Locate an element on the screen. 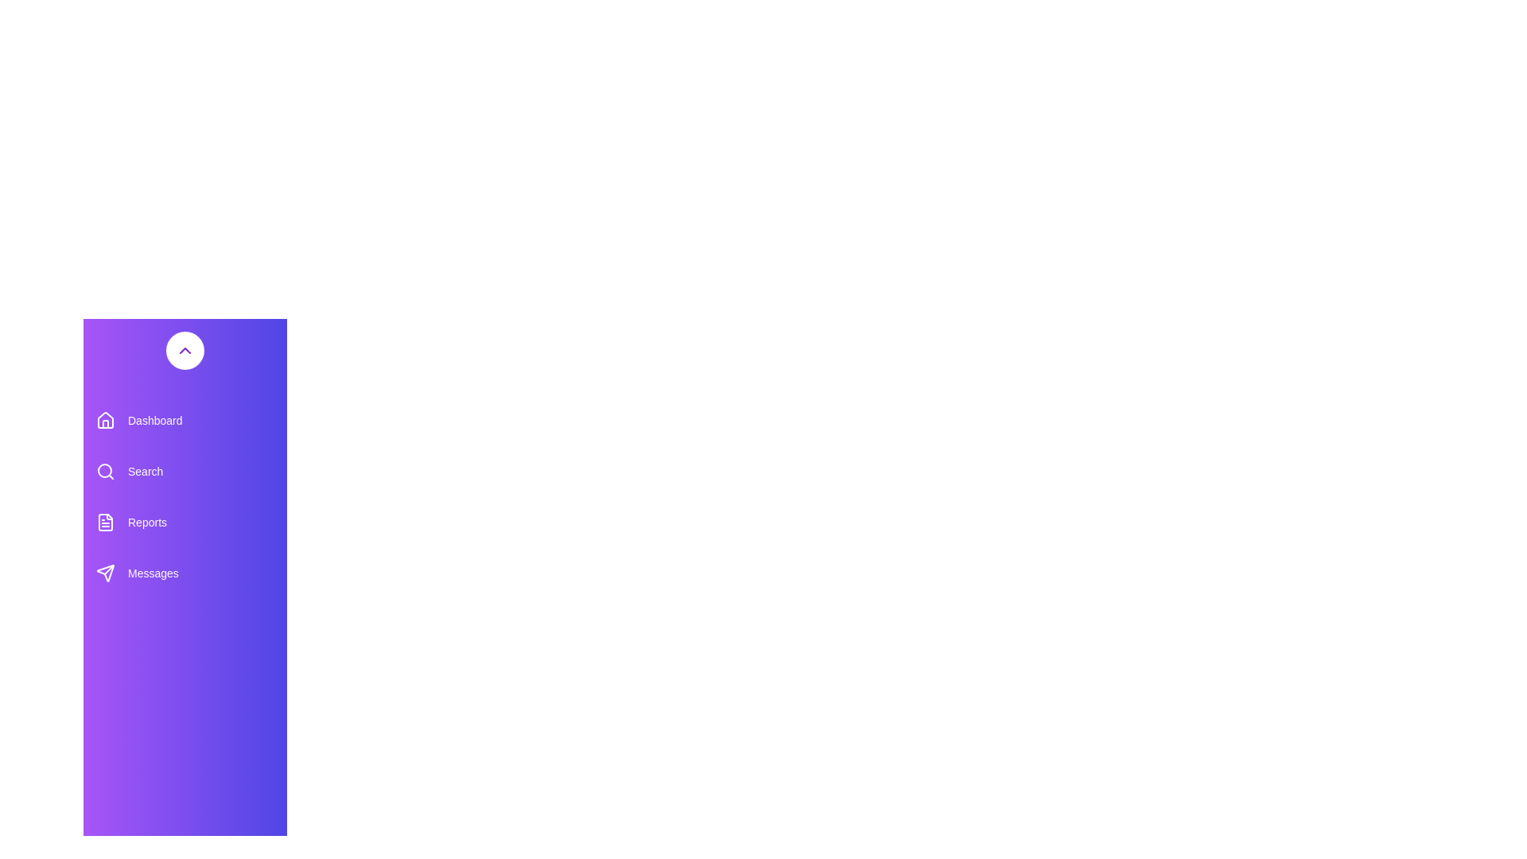 The width and height of the screenshot is (1527, 859). the 'Reports' icon located in the left sidebar navigation menu is located at coordinates (105, 522).